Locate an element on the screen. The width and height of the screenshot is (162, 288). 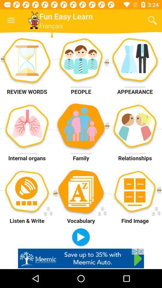
the option is located at coordinates (81, 237).